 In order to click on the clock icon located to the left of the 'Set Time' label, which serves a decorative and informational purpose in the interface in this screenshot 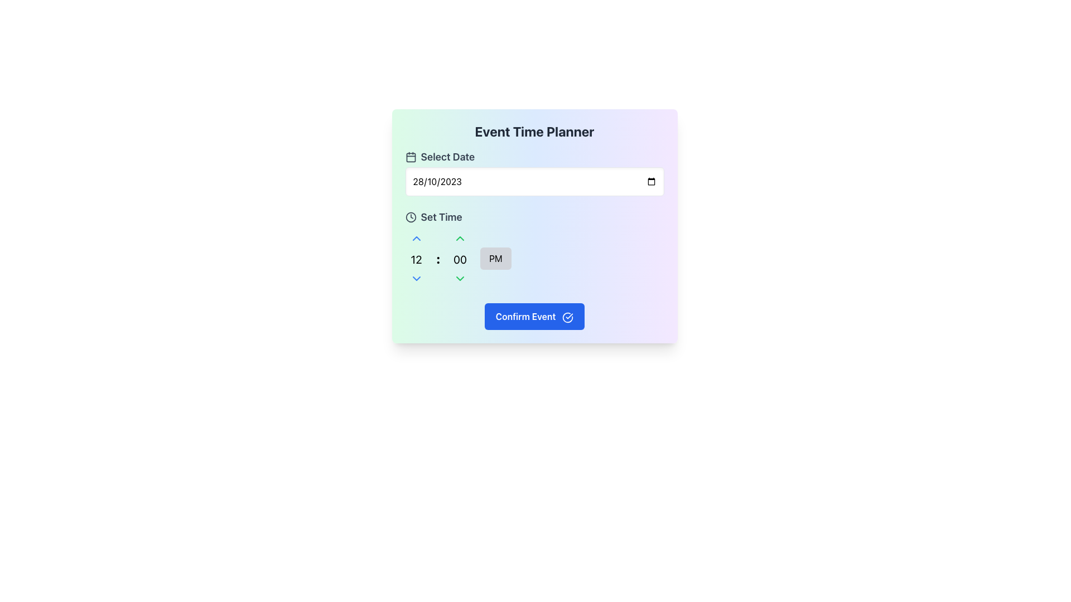, I will do `click(410, 217)`.